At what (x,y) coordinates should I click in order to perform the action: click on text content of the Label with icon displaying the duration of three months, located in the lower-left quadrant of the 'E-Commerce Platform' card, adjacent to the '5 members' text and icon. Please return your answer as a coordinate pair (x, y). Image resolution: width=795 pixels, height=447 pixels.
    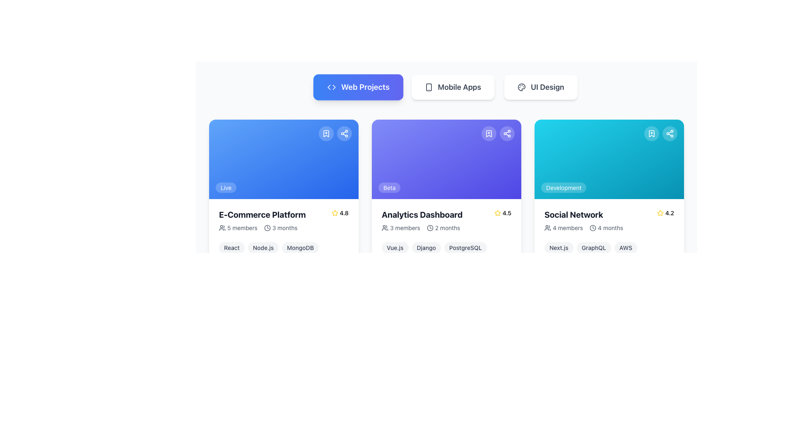
    Looking at the image, I should click on (281, 228).